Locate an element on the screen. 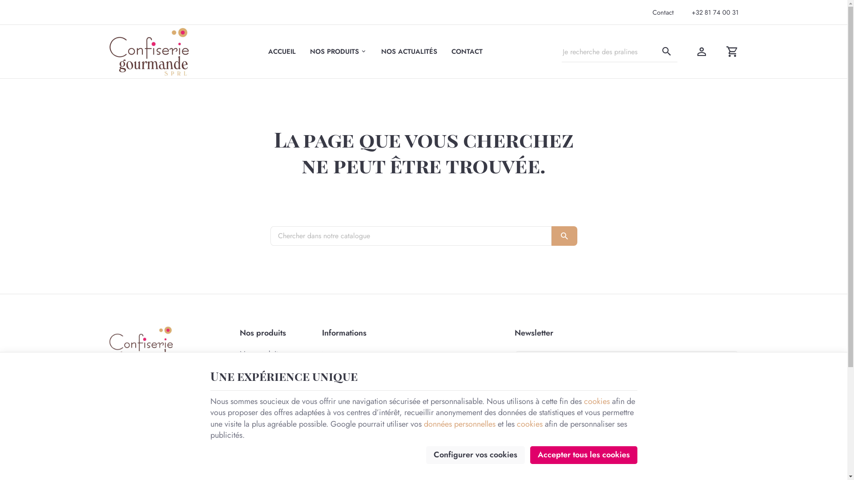 The width and height of the screenshot is (854, 480). 'OK' is located at coordinates (564, 236).